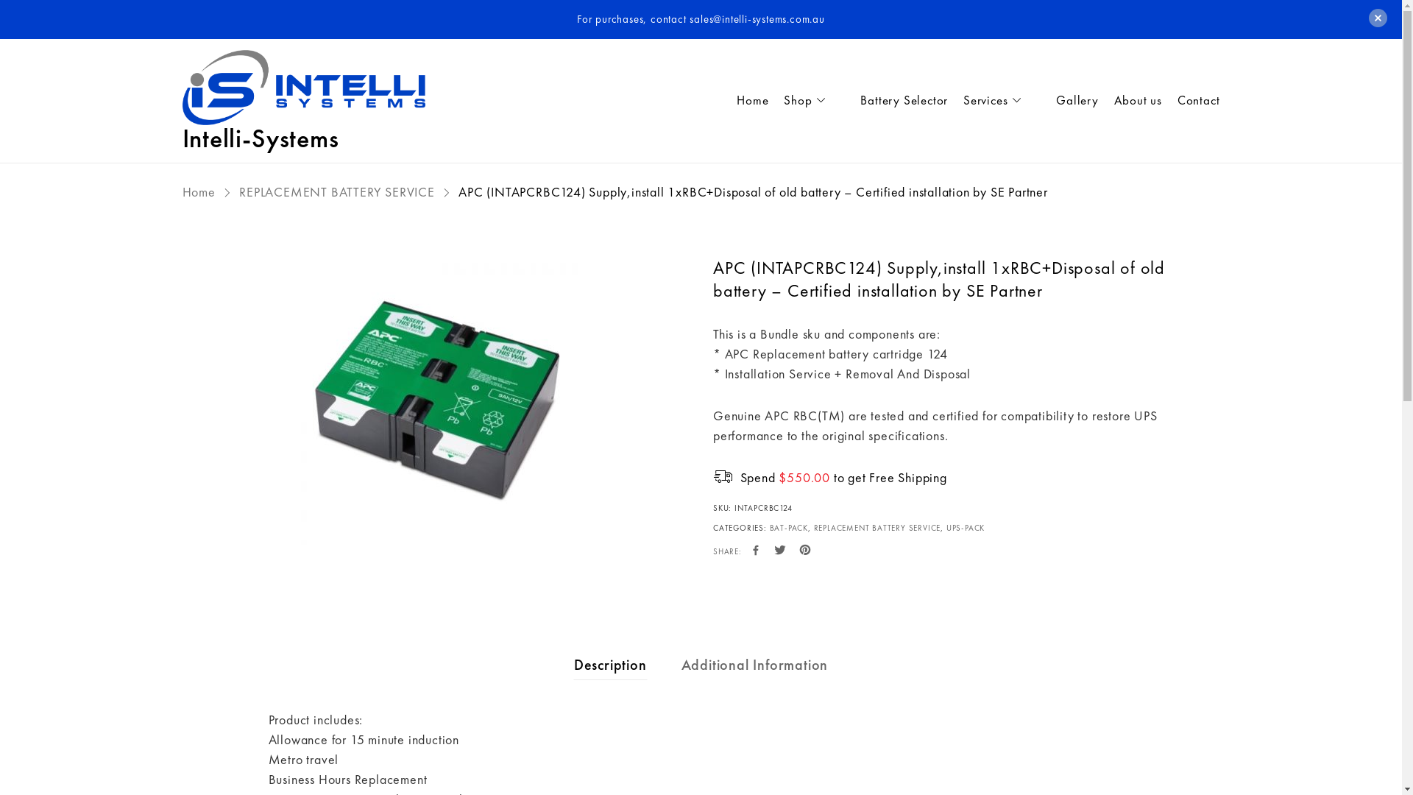 This screenshot has width=1413, height=795. Describe the element at coordinates (1191, 100) in the screenshot. I see `'Contact'` at that location.